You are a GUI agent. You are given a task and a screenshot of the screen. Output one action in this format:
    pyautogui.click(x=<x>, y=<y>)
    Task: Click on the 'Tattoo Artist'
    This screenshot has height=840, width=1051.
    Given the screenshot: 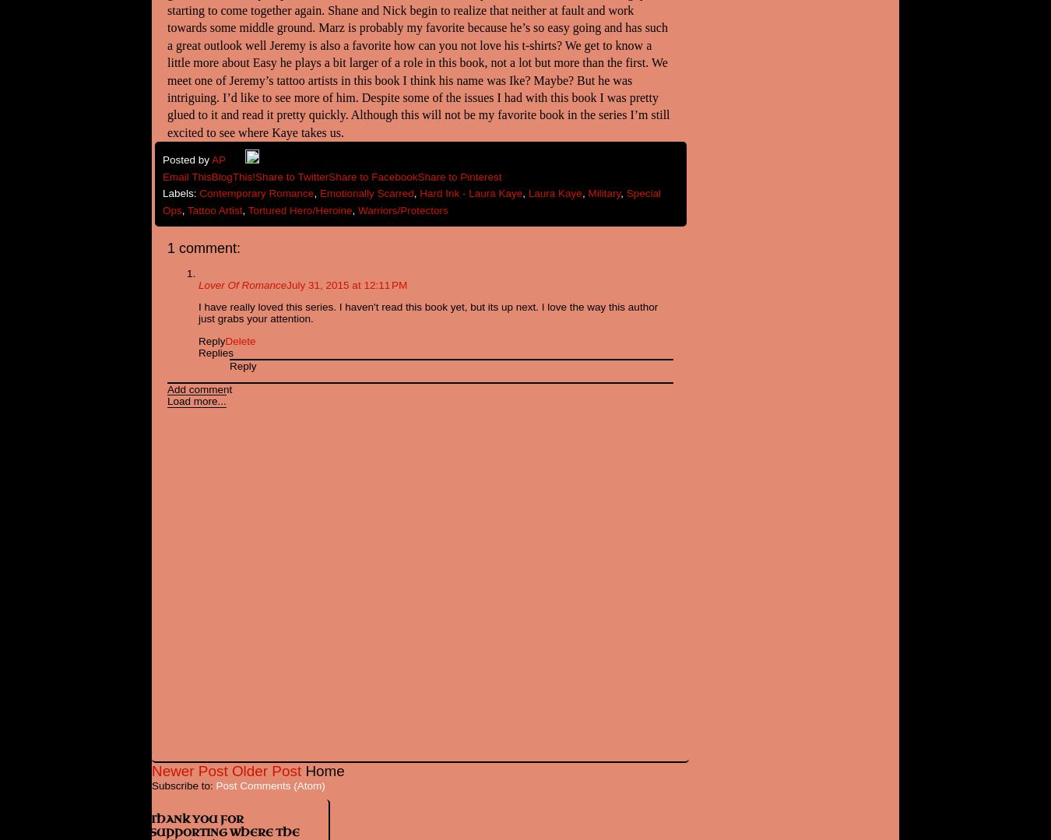 What is the action you would take?
    pyautogui.click(x=213, y=209)
    